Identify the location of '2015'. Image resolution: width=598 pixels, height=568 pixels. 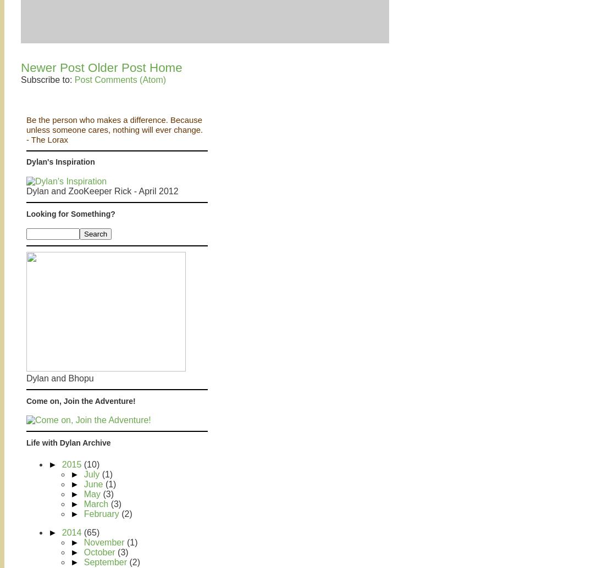
(72, 464).